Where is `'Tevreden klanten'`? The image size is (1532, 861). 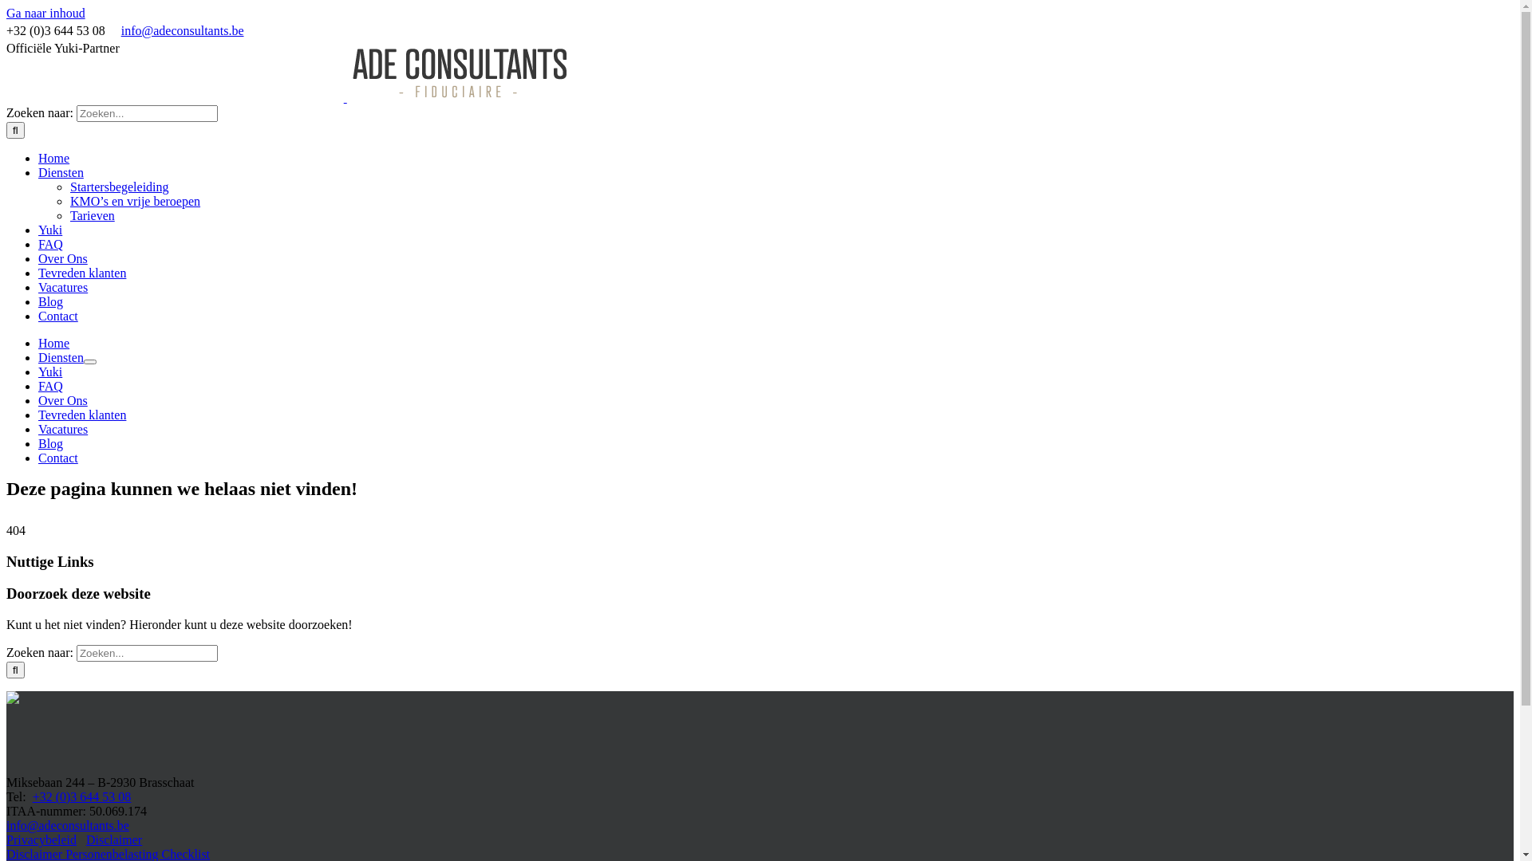
'Tevreden klanten' is located at coordinates (81, 414).